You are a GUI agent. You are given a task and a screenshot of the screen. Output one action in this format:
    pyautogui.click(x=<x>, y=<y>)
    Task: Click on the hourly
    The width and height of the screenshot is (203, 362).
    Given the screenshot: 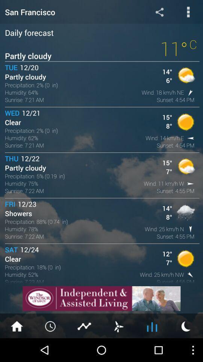 What is the action you would take?
    pyautogui.click(x=51, y=325)
    